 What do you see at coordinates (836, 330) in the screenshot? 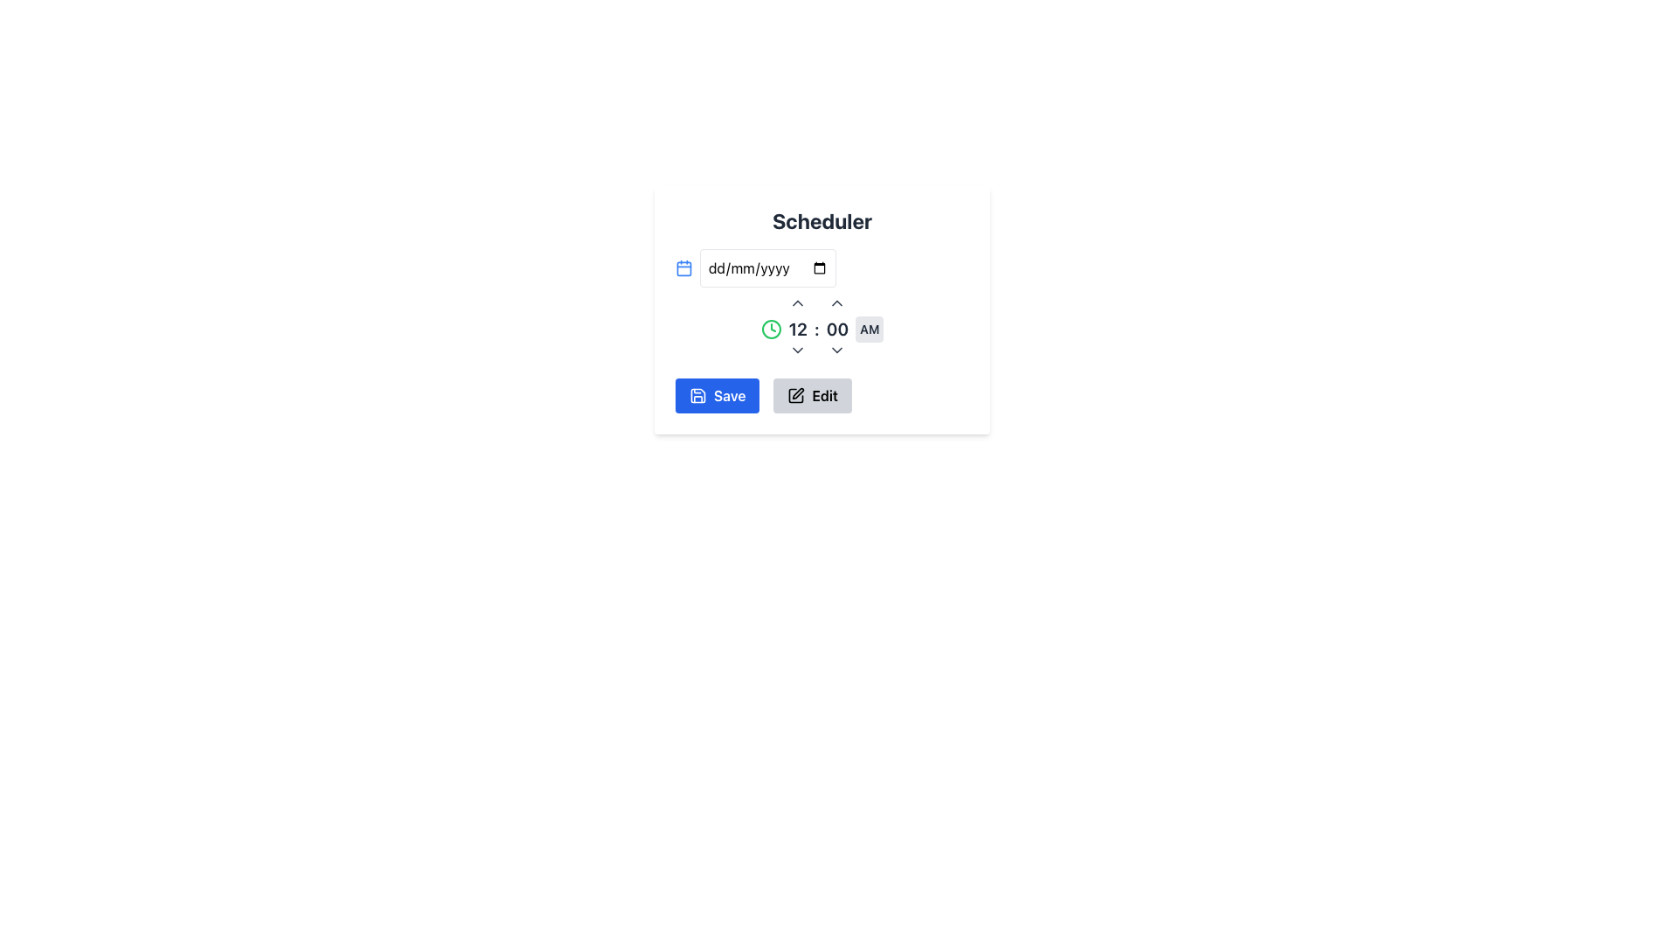
I see `the minutes field in the time selection module, which is located immediately to the right of the '12' hour indication` at bounding box center [836, 330].